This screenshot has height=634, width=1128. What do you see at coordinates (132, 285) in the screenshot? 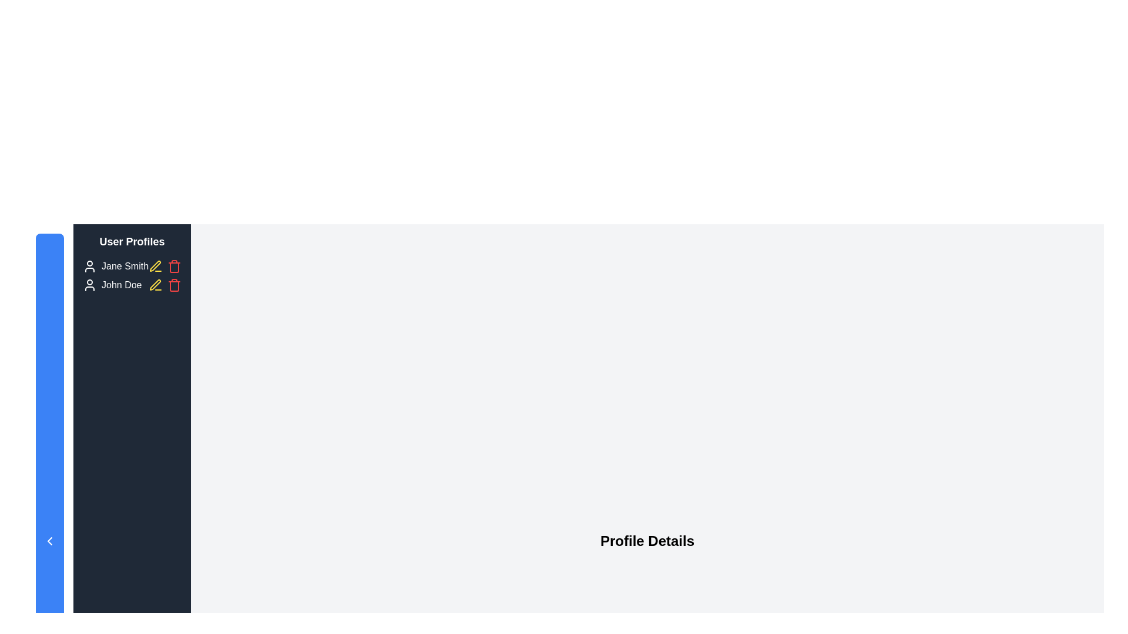
I see `the user profile entry for John Doe` at bounding box center [132, 285].